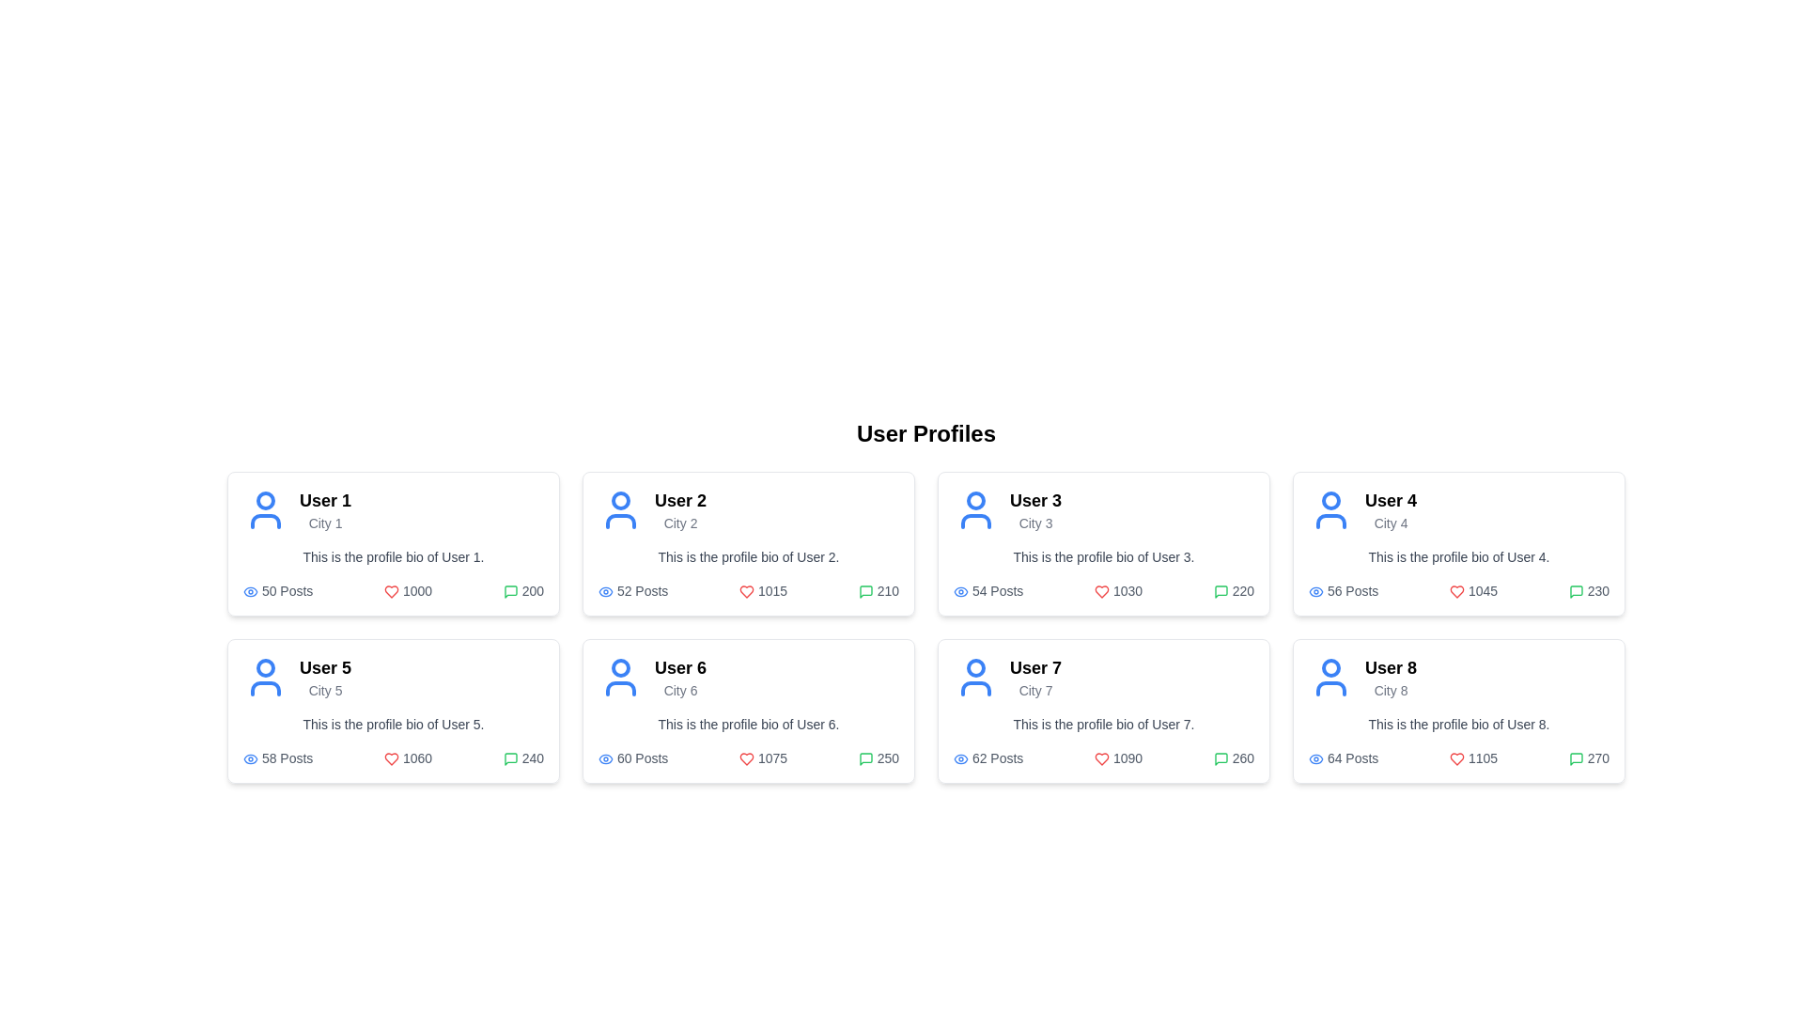  I want to click on the green outlined speech bubble icon located in the bottom-right section of the card labeled 'User 5', next to the number '240', so click(510, 758).